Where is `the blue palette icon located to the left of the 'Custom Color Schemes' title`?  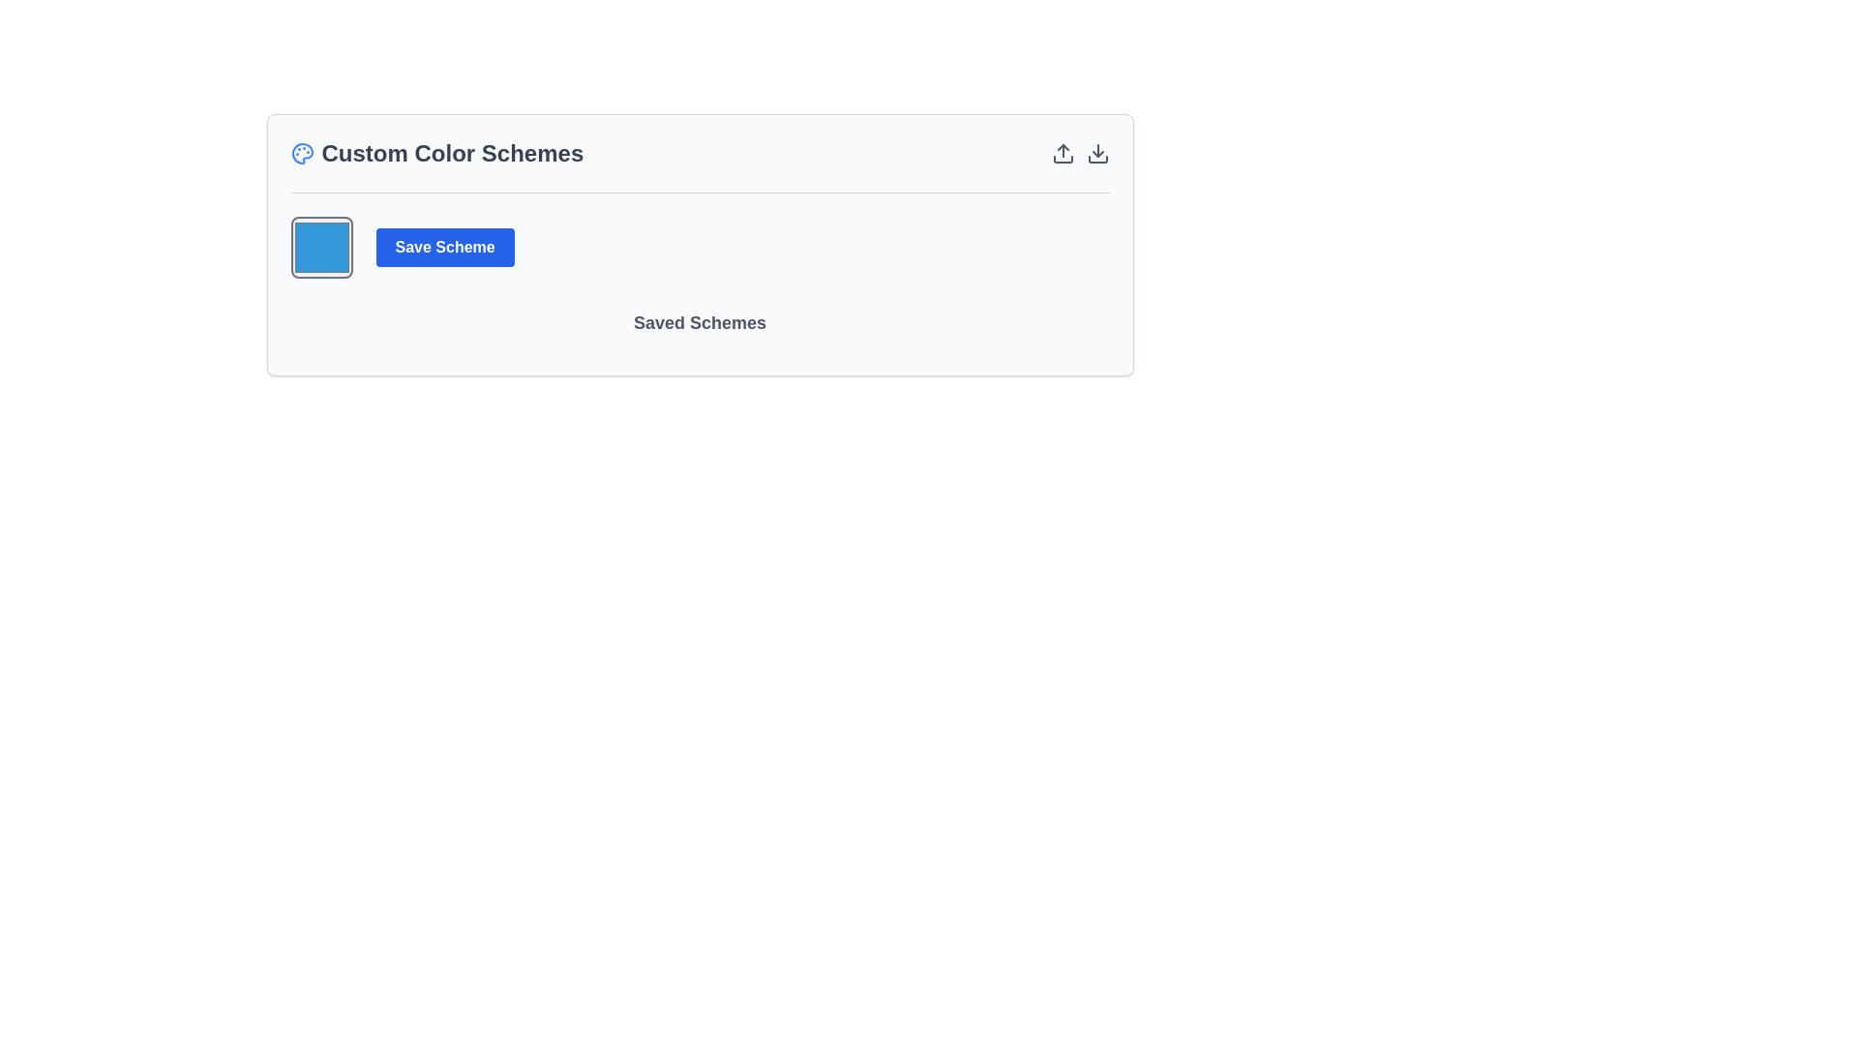 the blue palette icon located to the left of the 'Custom Color Schemes' title is located at coordinates (301, 152).